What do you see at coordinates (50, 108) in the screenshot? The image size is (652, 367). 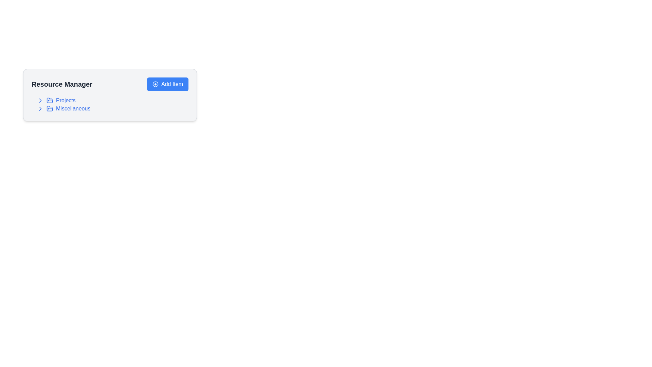 I see `the state of the open folder icon, which is the second icon in the 'Miscellaneous' entry, located between the chevron icon and the 'Miscellaneous' text label` at bounding box center [50, 108].